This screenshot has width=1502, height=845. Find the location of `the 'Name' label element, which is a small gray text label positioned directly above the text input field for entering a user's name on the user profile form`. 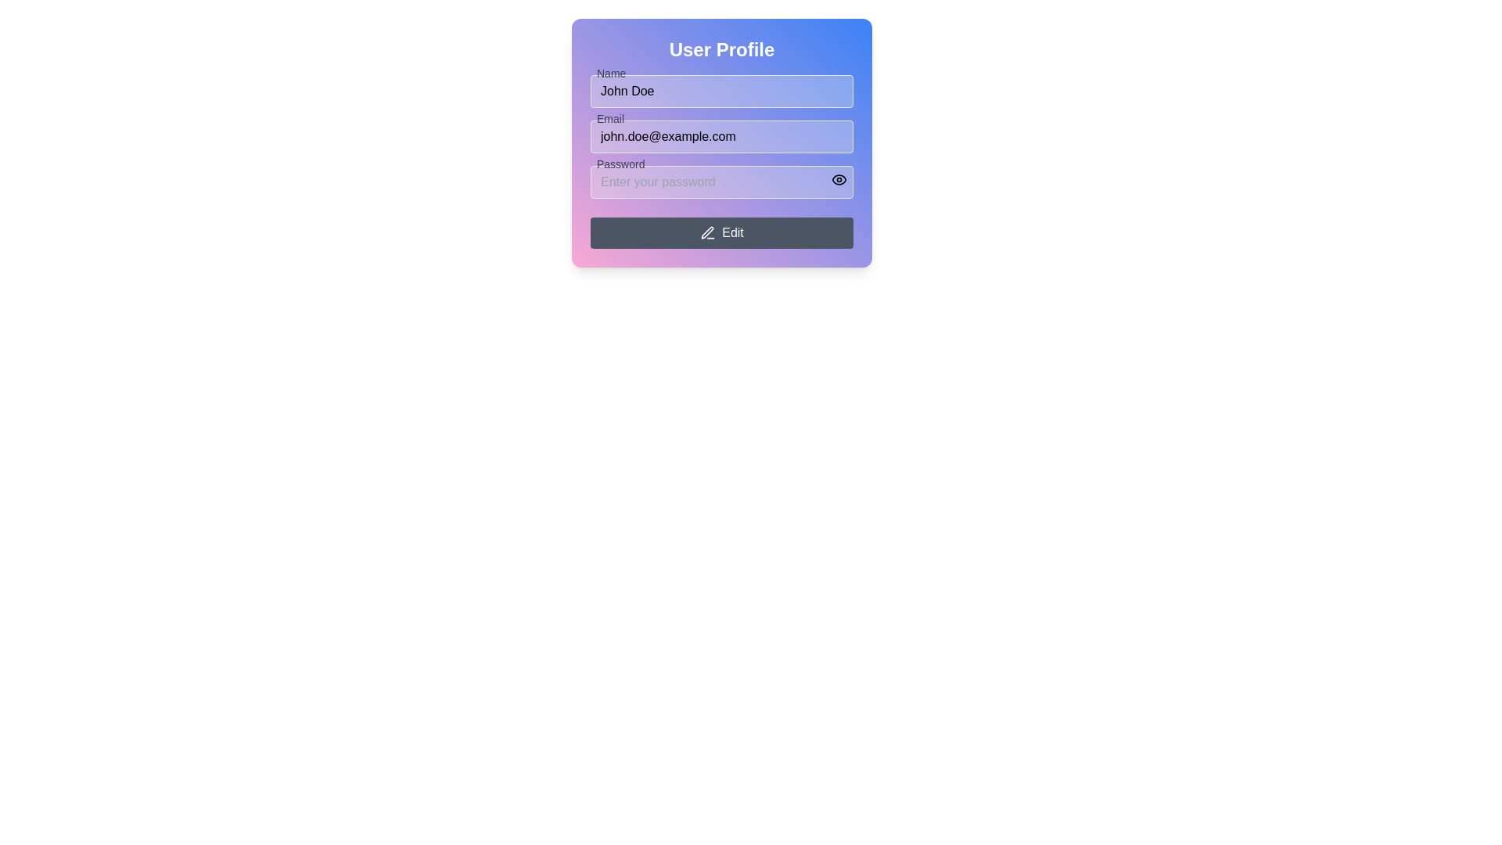

the 'Name' label element, which is a small gray text label positioned directly above the text input field for entering a user's name on the user profile form is located at coordinates (610, 73).